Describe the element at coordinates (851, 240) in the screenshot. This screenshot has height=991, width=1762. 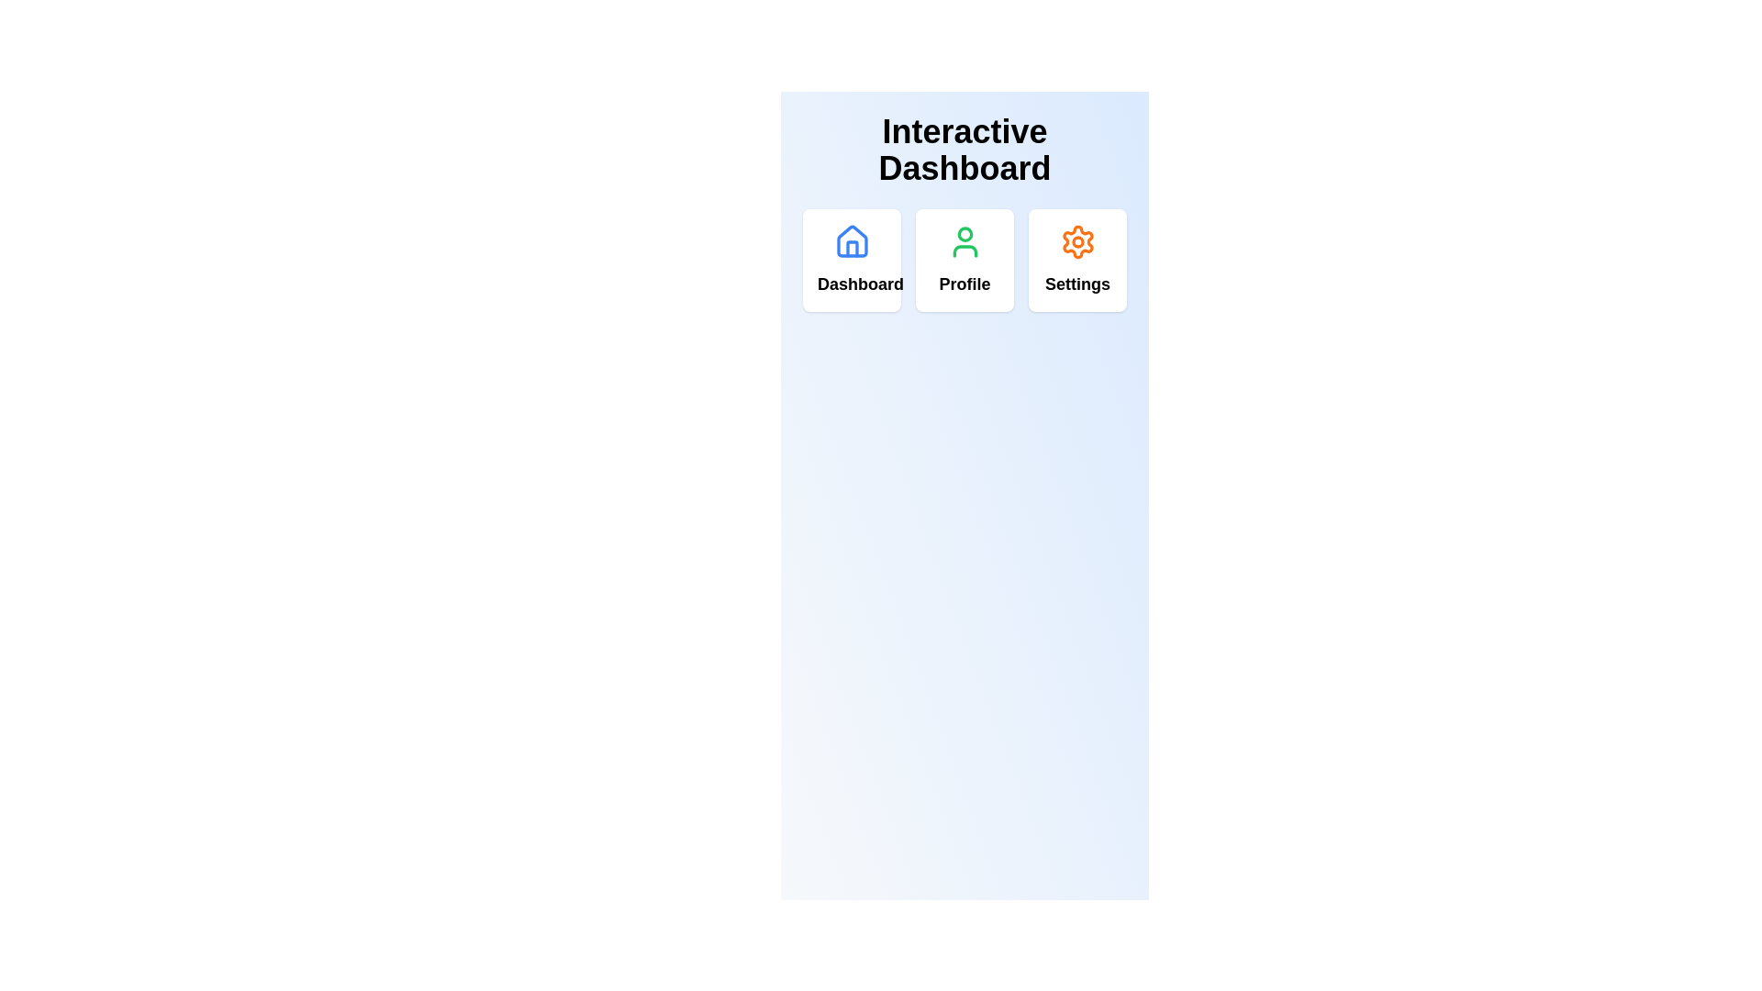
I see `the stylized blue house icon located within the 'Dashboard' button` at that location.